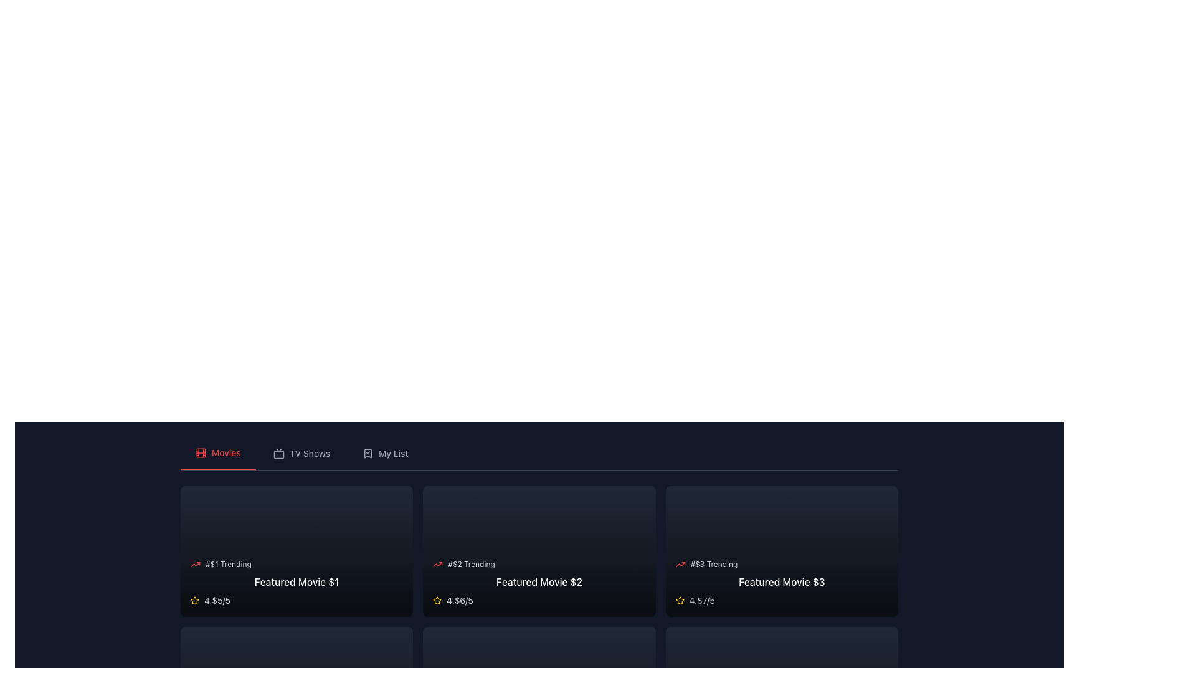  Describe the element at coordinates (296, 550) in the screenshot. I see `the play button located in the center of the 'Featured Movie $1' card to initiate the movie content` at that location.